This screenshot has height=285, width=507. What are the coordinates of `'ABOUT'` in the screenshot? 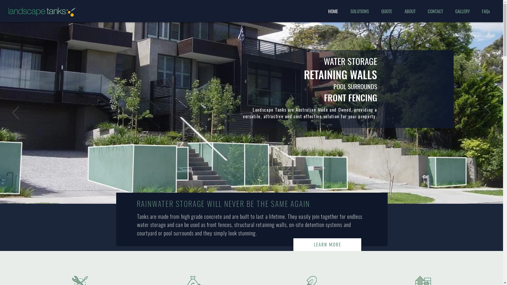 It's located at (398, 11).